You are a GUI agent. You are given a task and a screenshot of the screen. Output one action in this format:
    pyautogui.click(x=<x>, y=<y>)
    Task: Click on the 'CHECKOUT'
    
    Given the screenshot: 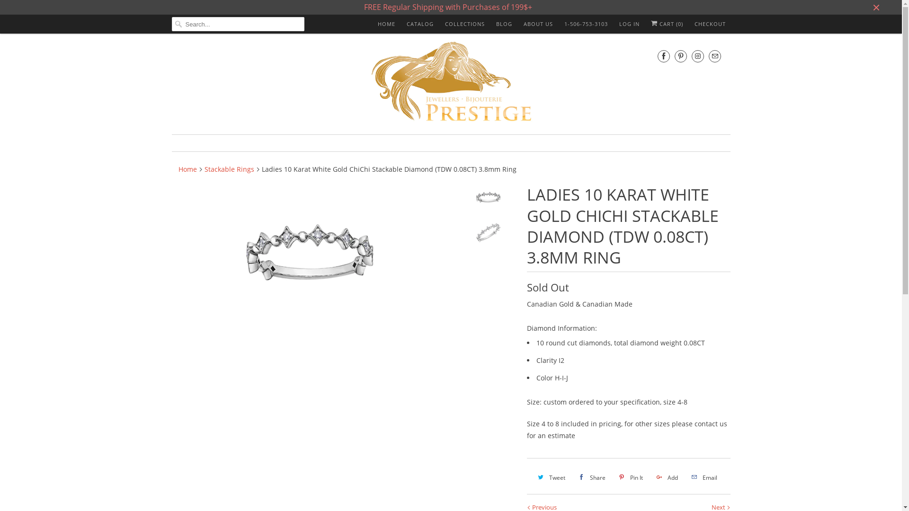 What is the action you would take?
    pyautogui.click(x=694, y=23)
    